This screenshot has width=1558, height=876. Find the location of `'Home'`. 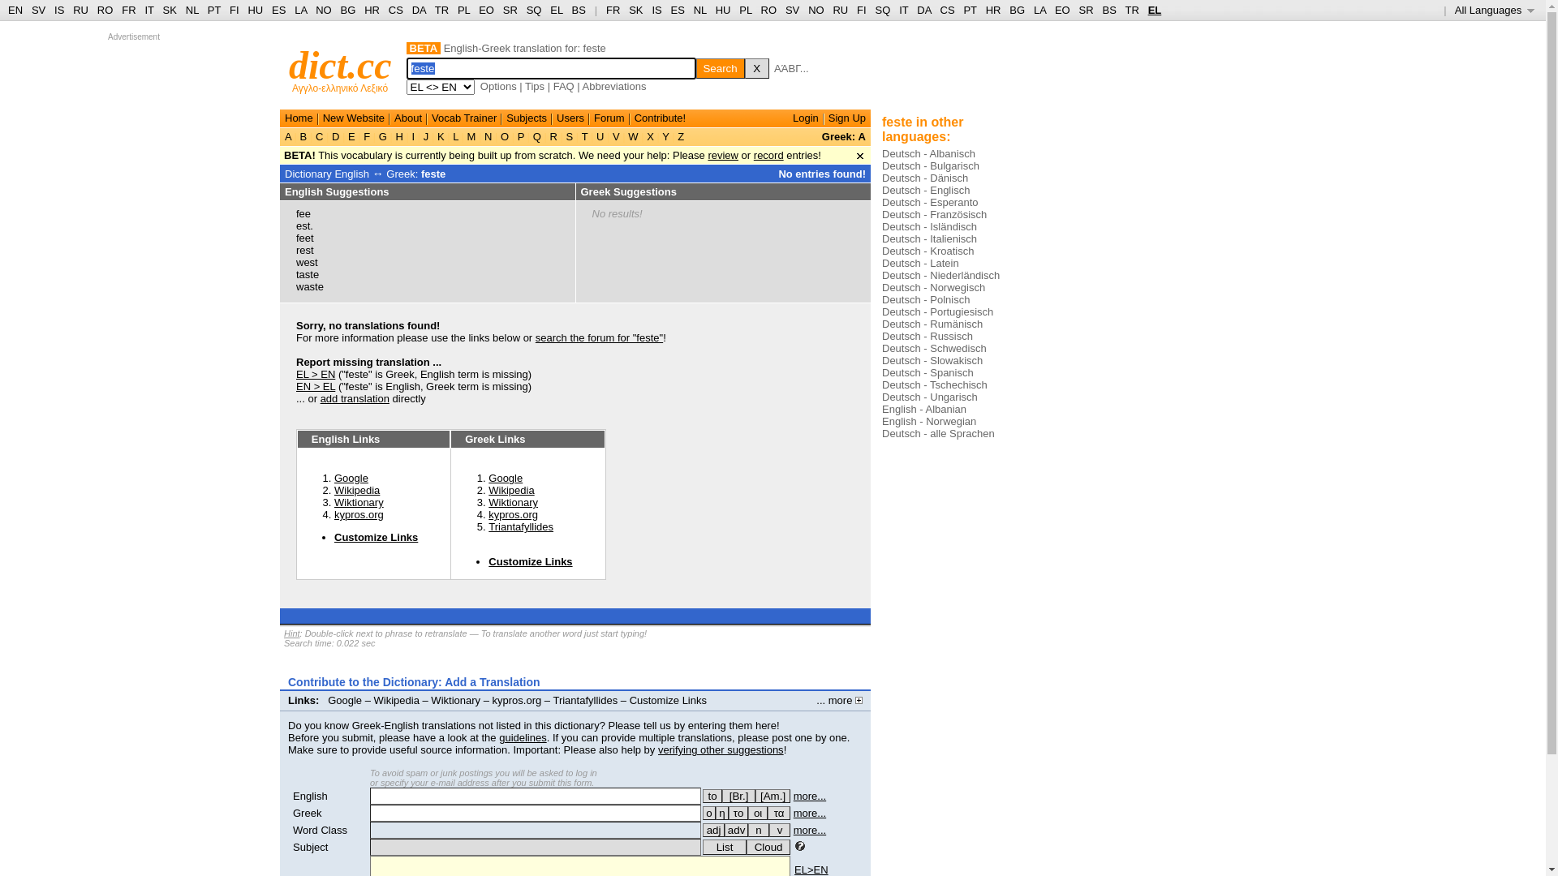

'Home' is located at coordinates (299, 117).